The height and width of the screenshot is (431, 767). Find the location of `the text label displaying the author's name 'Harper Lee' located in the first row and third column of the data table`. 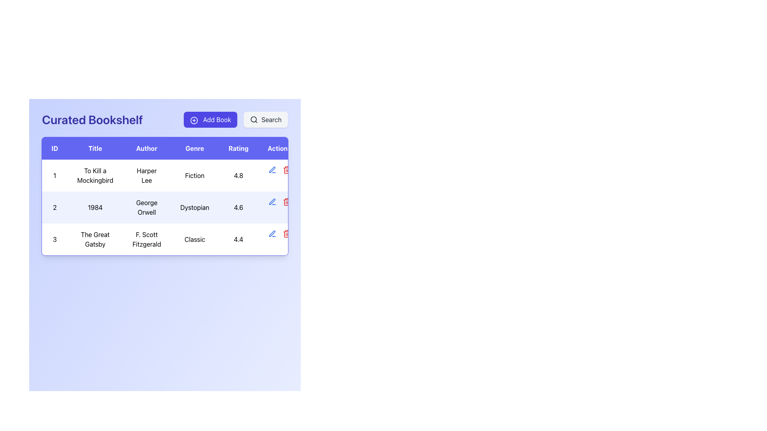

the text label displaying the author's name 'Harper Lee' located in the first row and third column of the data table is located at coordinates (147, 175).